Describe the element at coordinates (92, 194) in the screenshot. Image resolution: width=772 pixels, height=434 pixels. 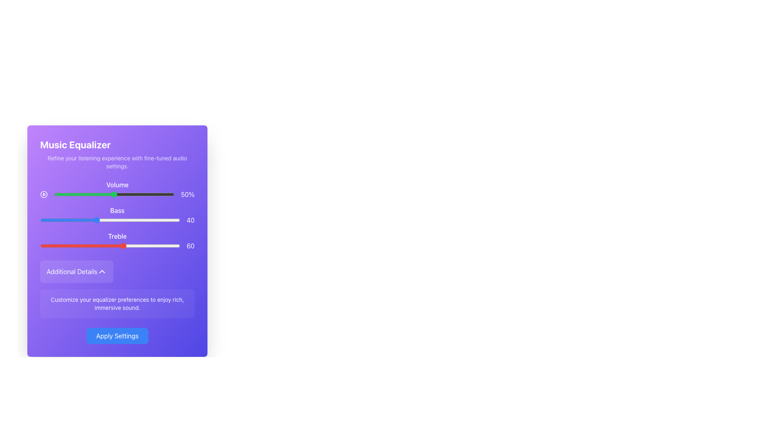
I see `the slider` at that location.